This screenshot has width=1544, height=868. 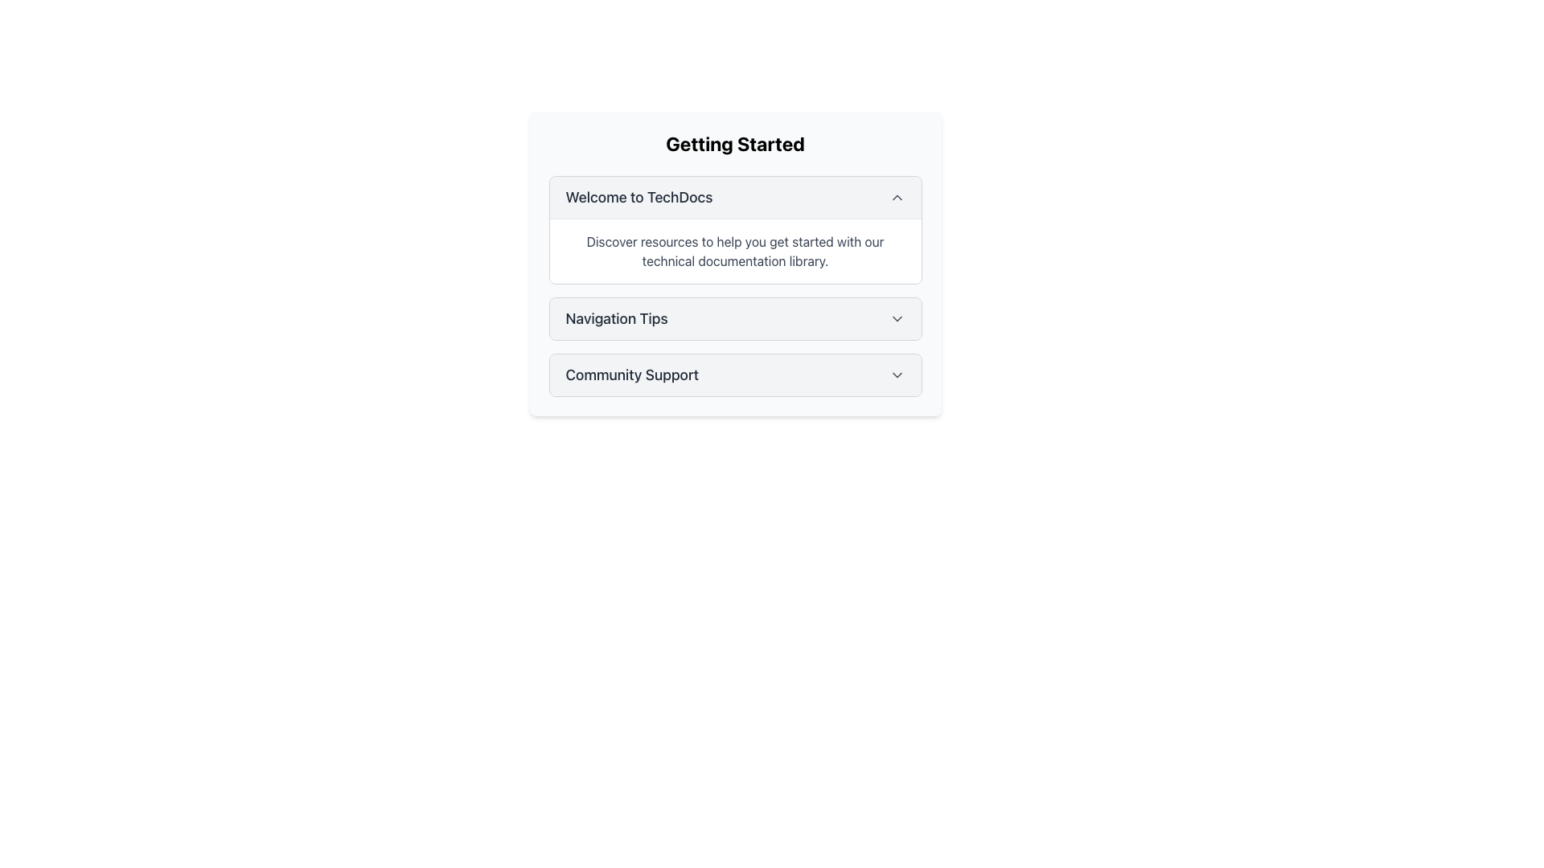 What do you see at coordinates (734, 375) in the screenshot?
I see `the 'Community Support' button located in the 'Getting Started' section` at bounding box center [734, 375].